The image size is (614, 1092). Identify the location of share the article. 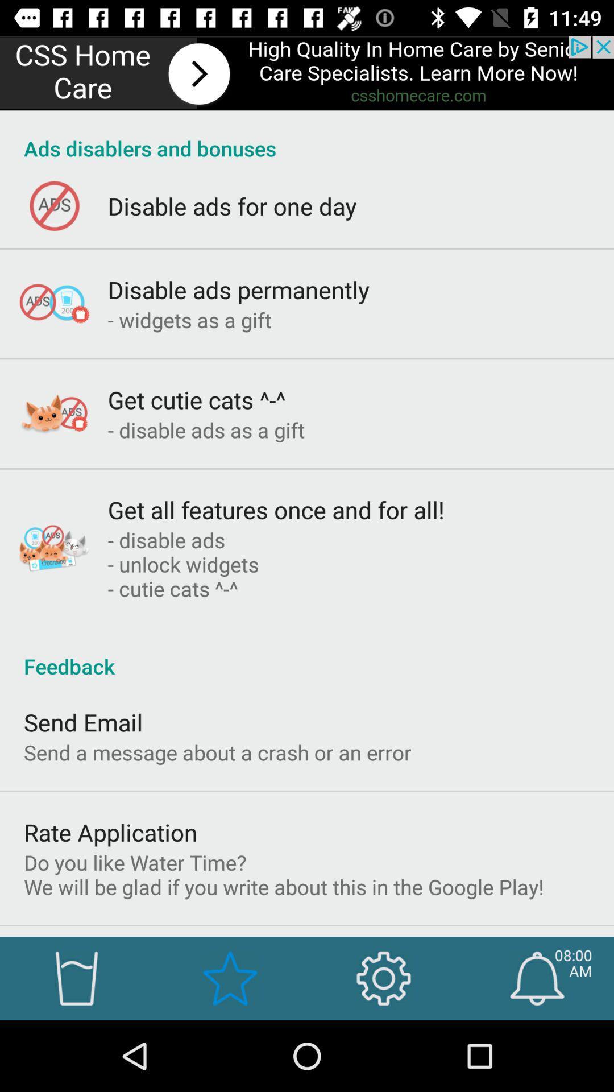
(307, 72).